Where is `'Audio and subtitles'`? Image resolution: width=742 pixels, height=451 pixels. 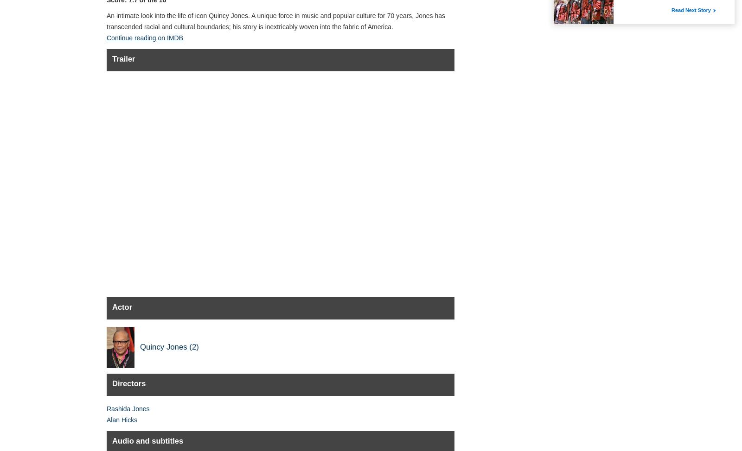 'Audio and subtitles' is located at coordinates (147, 440).